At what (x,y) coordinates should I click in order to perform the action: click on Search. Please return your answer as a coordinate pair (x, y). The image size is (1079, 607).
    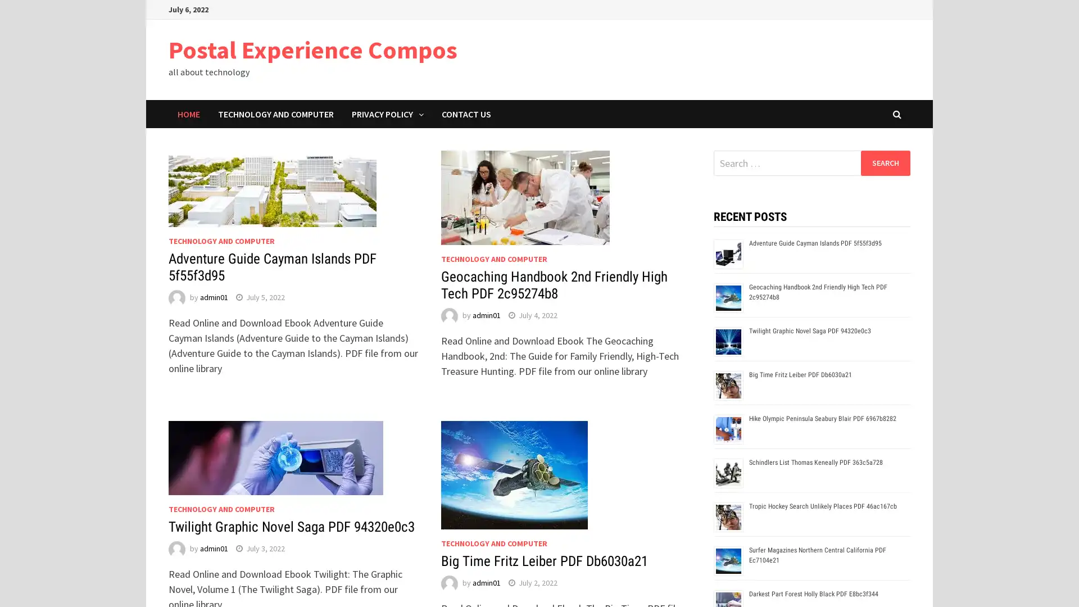
    Looking at the image, I should click on (885, 162).